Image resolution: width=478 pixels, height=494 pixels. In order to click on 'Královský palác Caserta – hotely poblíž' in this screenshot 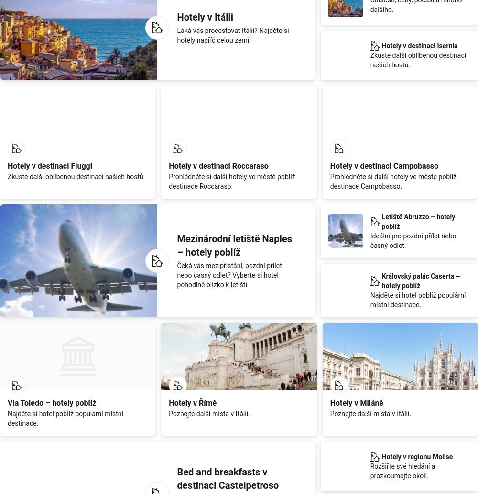, I will do `click(421, 280)`.